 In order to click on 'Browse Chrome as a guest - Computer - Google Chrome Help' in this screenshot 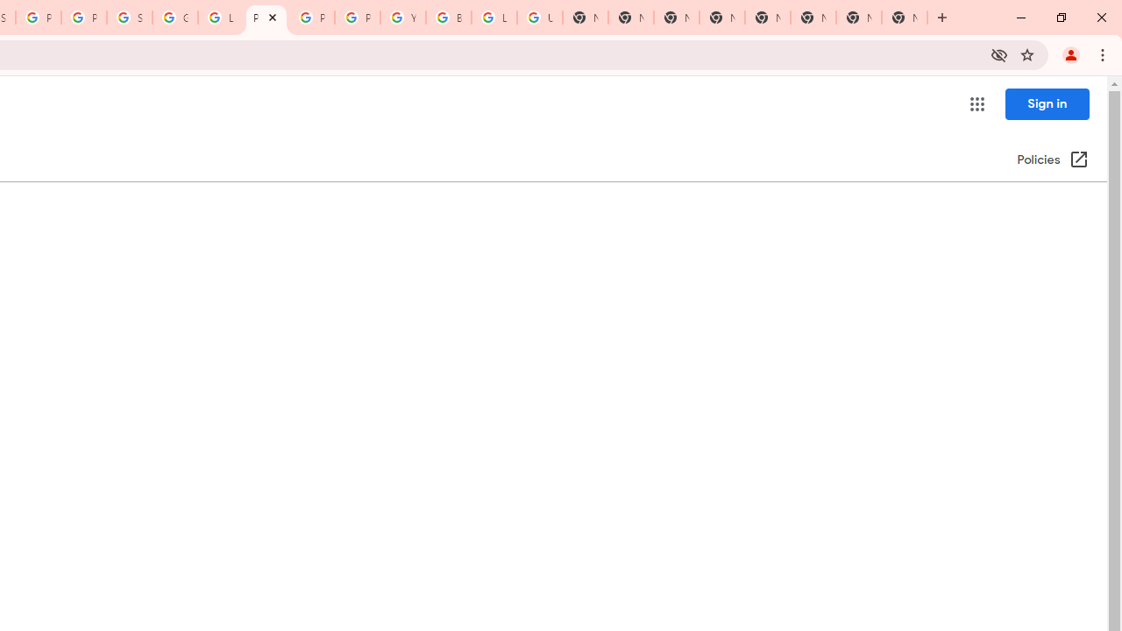, I will do `click(449, 18)`.